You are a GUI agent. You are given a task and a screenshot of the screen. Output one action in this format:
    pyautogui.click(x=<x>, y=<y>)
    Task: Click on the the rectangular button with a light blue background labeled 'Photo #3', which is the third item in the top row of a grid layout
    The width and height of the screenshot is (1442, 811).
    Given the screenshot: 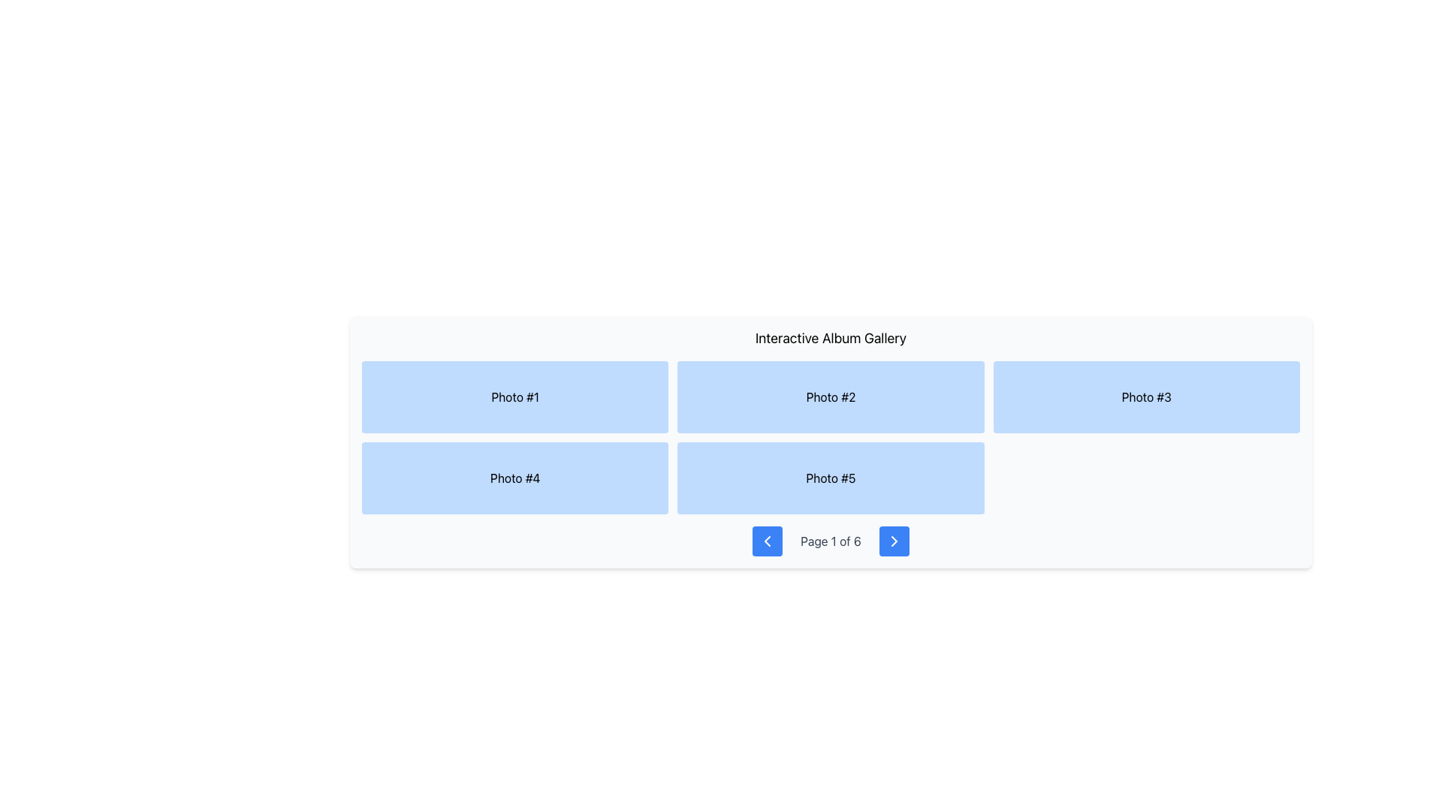 What is the action you would take?
    pyautogui.click(x=1145, y=396)
    